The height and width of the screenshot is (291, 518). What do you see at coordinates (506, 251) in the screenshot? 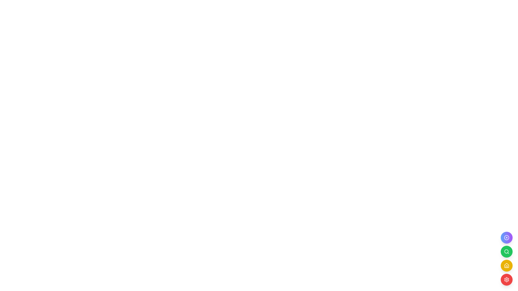
I see `the search icon button, which is the second circular button from the top in a vertical stack on the right side of the interface` at bounding box center [506, 251].